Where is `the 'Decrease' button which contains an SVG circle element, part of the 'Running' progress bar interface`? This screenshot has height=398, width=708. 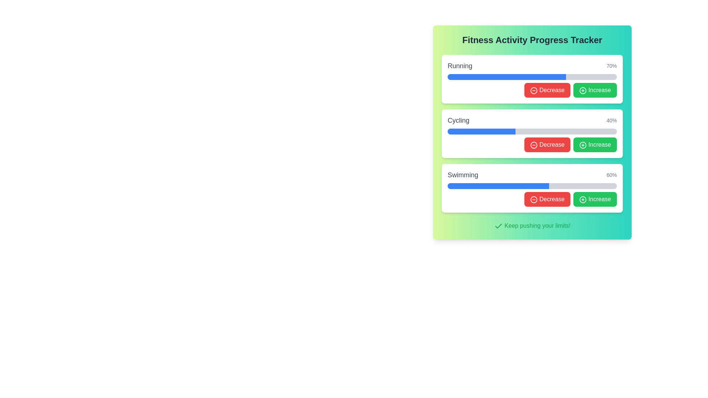 the 'Decrease' button which contains an SVG circle element, part of the 'Running' progress bar interface is located at coordinates (534, 90).